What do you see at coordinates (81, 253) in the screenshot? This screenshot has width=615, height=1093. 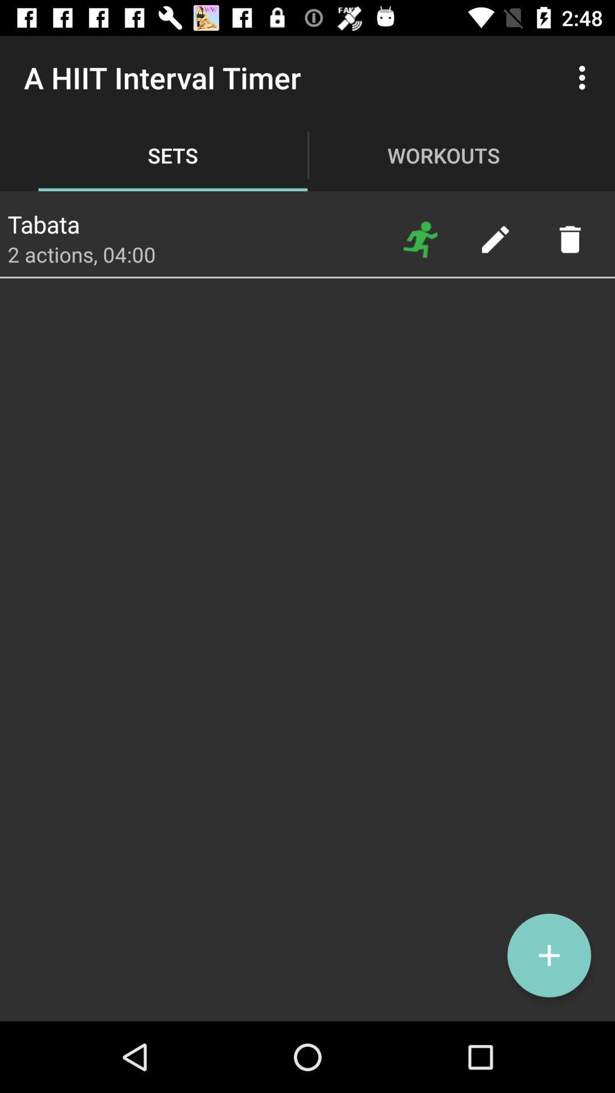 I see `item below tabata` at bounding box center [81, 253].